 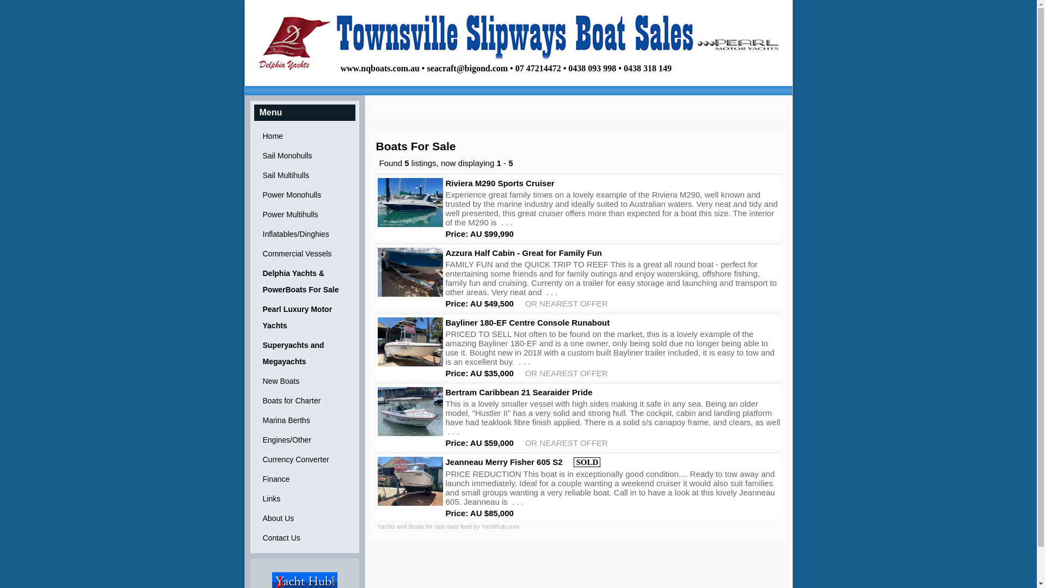 I want to click on 'Sail Monohulls', so click(x=305, y=155).